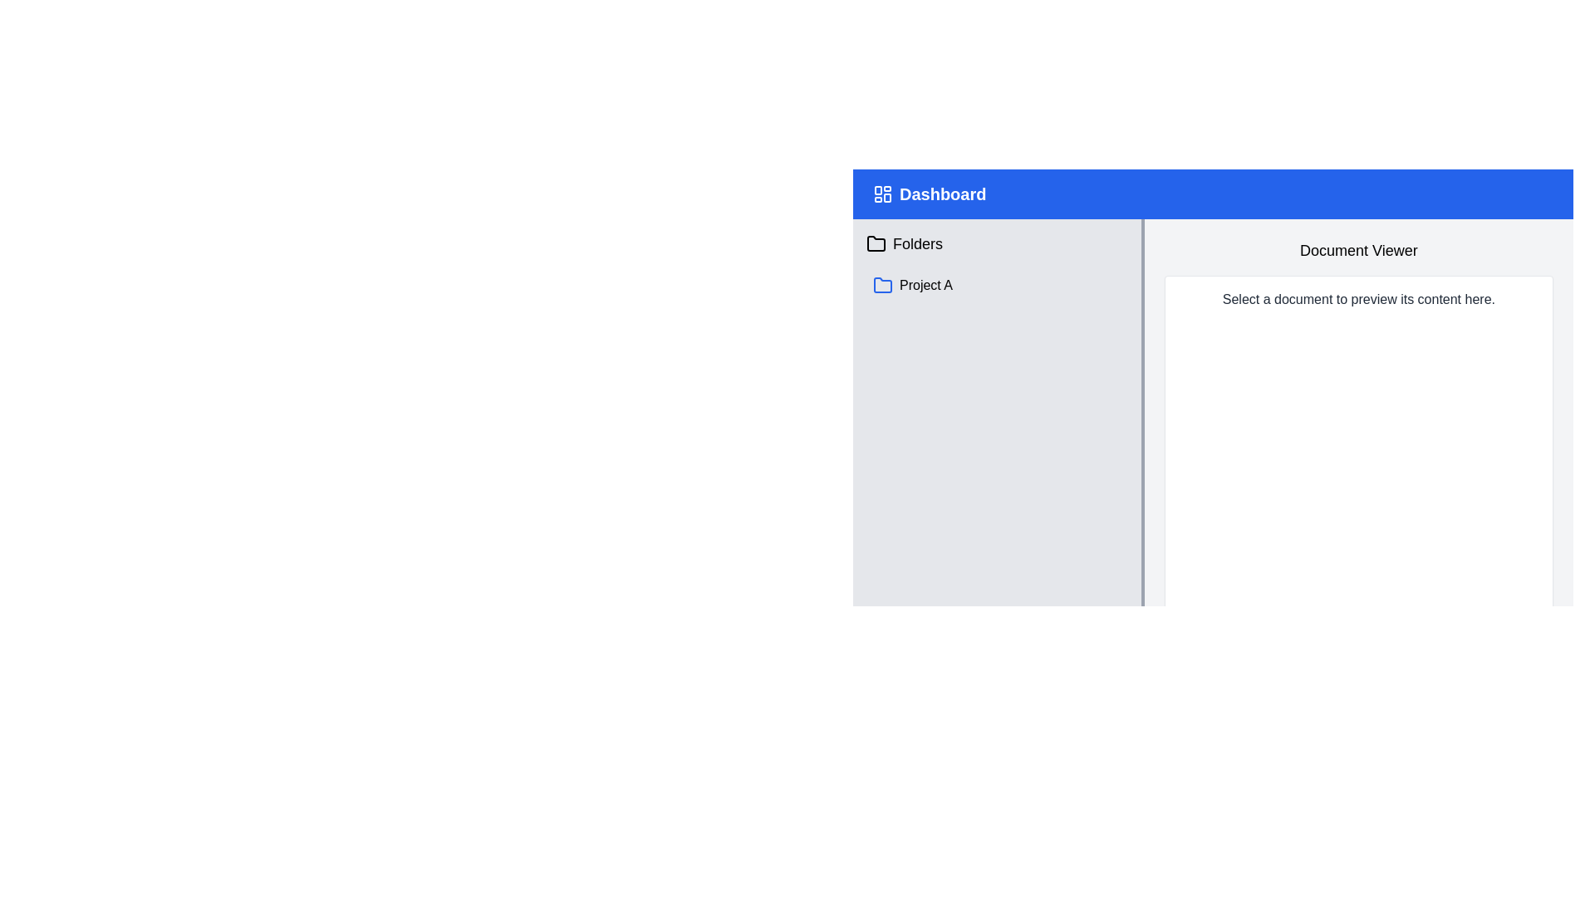 The height and width of the screenshot is (897, 1595). I want to click on the static label or header title indicating the 'Dashboard' section, located in the top-left segment of the blue header bar, so click(929, 194).